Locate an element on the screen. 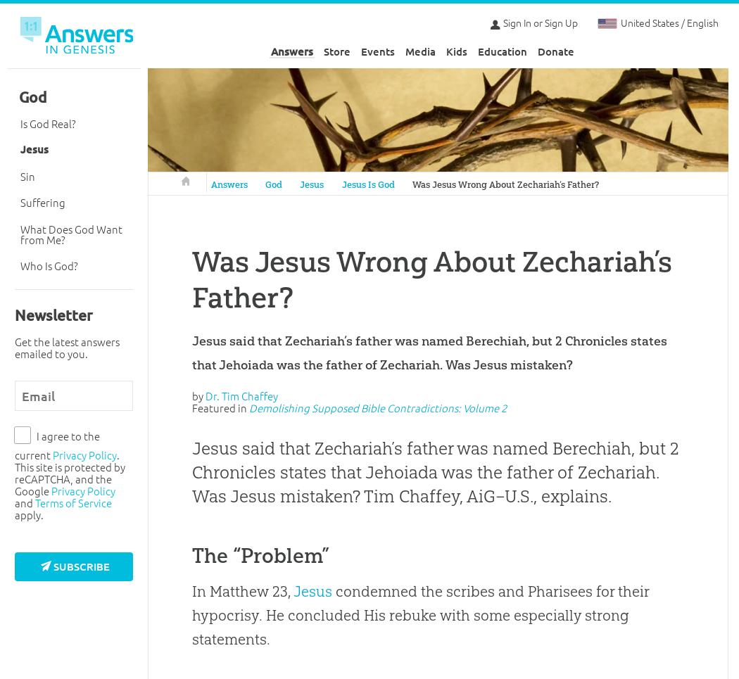 Image resolution: width=739 pixels, height=679 pixels. '.' is located at coordinates (118, 455).